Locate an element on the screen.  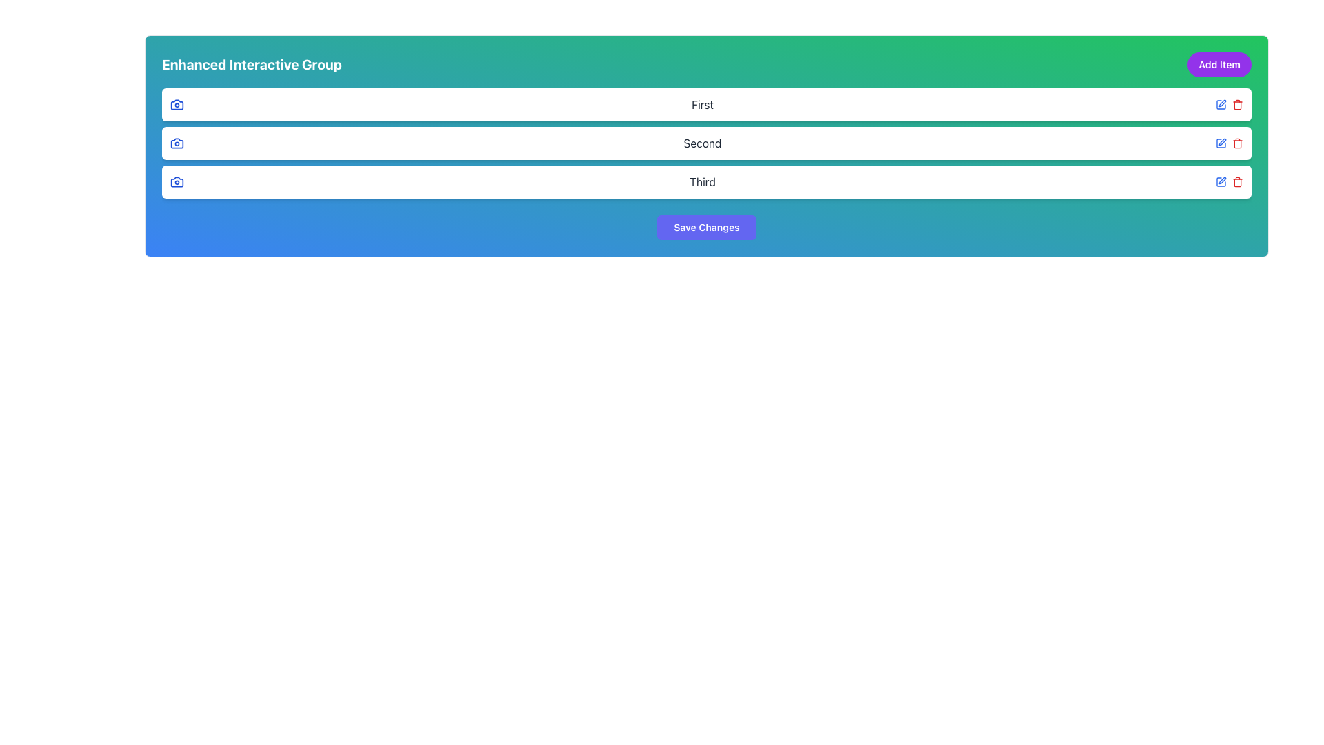
the icon located at the top row of the second card, next to the label 'Second', which symbolizes capturing or viewing photos is located at coordinates (177, 143).